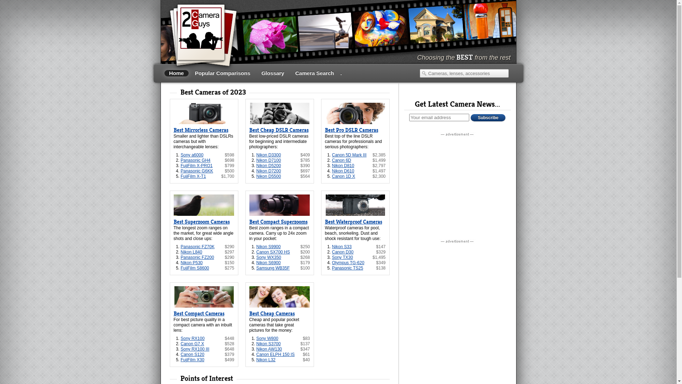 The image size is (682, 384). What do you see at coordinates (193, 176) in the screenshot?
I see `'FujiFilm X-T1'` at bounding box center [193, 176].